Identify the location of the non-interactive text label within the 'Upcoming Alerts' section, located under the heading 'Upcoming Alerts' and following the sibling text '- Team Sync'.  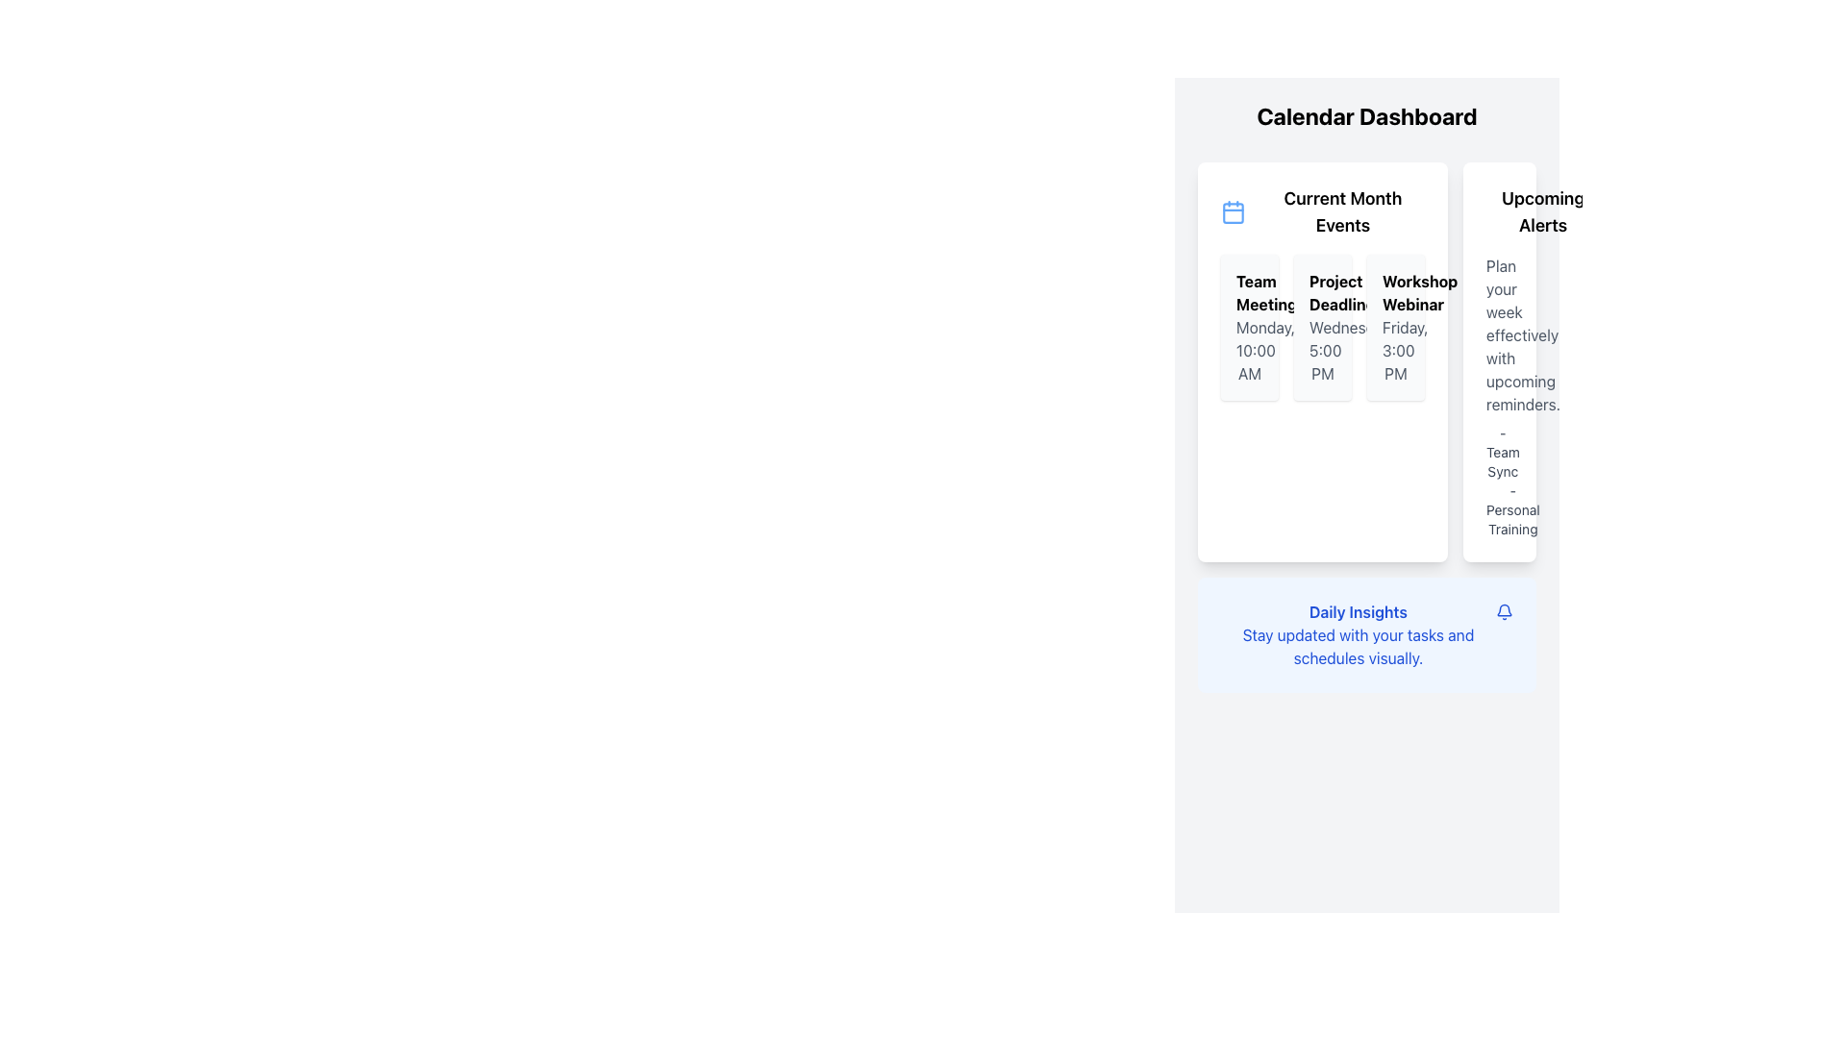
(1499, 509).